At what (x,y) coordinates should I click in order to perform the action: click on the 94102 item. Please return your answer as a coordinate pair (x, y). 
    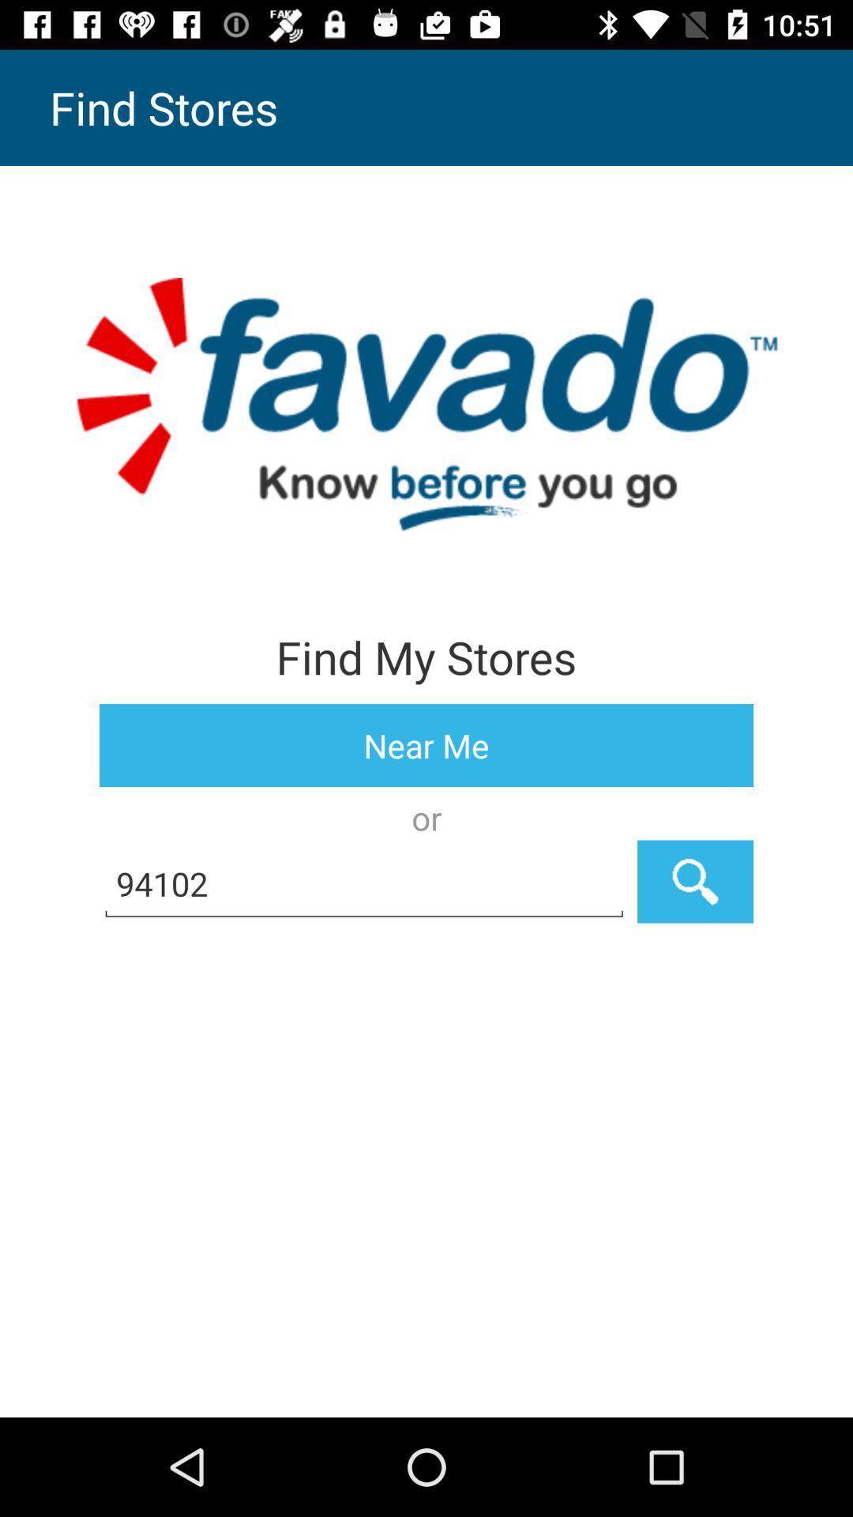
    Looking at the image, I should click on (364, 881).